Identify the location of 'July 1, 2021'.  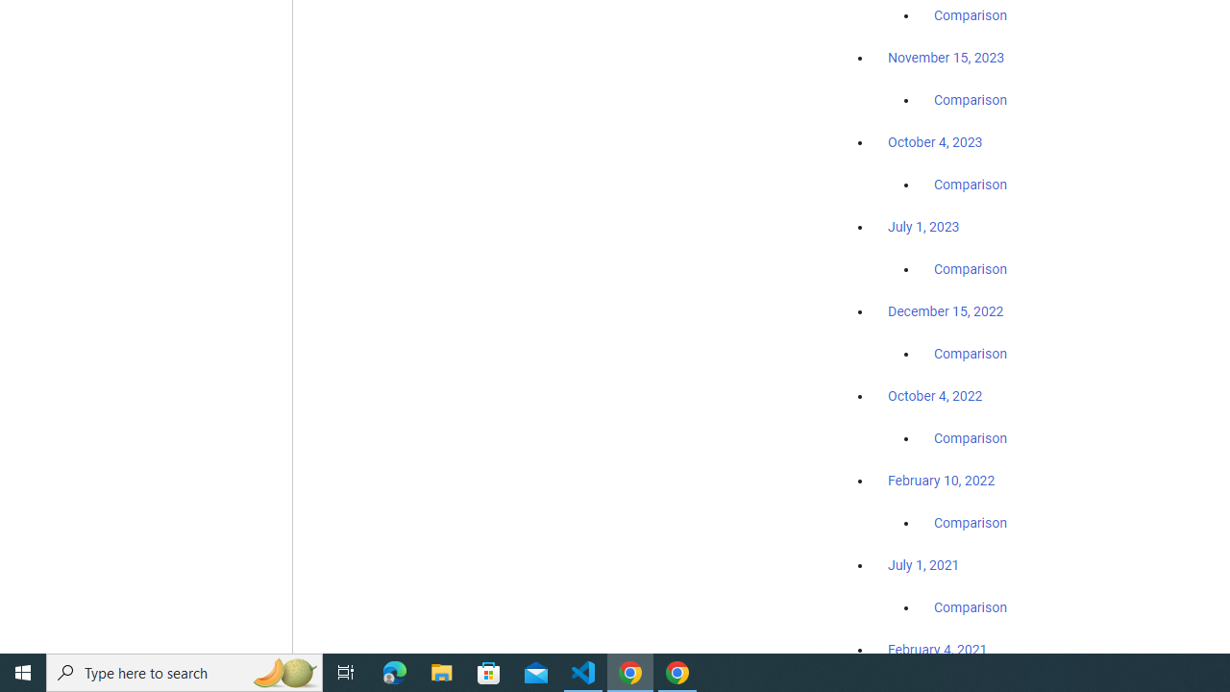
(923, 563).